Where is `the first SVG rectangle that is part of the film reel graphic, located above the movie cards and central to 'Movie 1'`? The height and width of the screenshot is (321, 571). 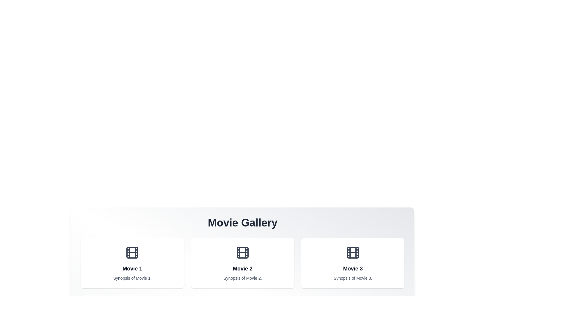 the first SVG rectangle that is part of the film reel graphic, located above the movie cards and central to 'Movie 1' is located at coordinates (132, 309).